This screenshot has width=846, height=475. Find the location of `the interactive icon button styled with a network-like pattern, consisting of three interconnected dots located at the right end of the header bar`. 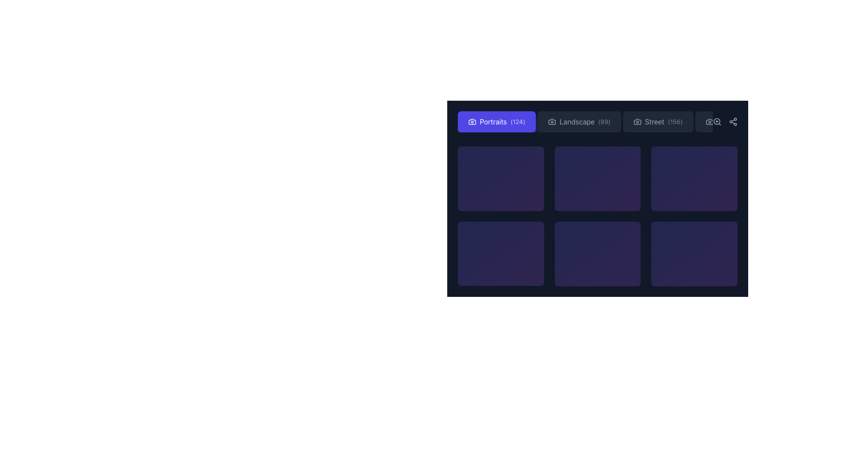

the interactive icon button styled with a network-like pattern, consisting of three interconnected dots located at the right end of the header bar is located at coordinates (733, 122).